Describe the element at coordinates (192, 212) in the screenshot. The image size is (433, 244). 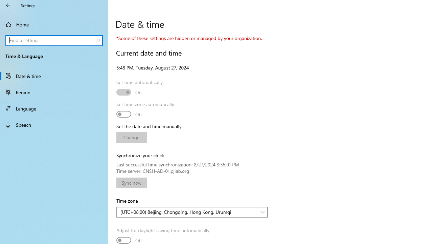
I see `'Time zone'` at that location.